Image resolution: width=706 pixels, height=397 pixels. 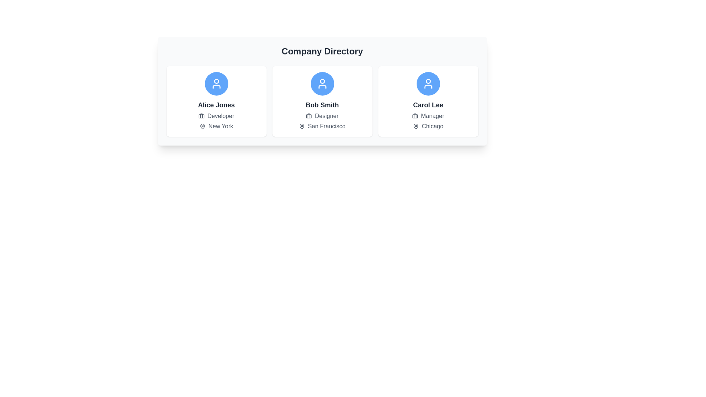 I want to click on the Profile summary card for Carol Lee, which features a light blue circular user icon, the name 'Carol Lee' in bold, 'Manager' in smaller text, and 'Chicago' with a map marker icon, located as the rightmost card in a row of three, so click(x=428, y=101).